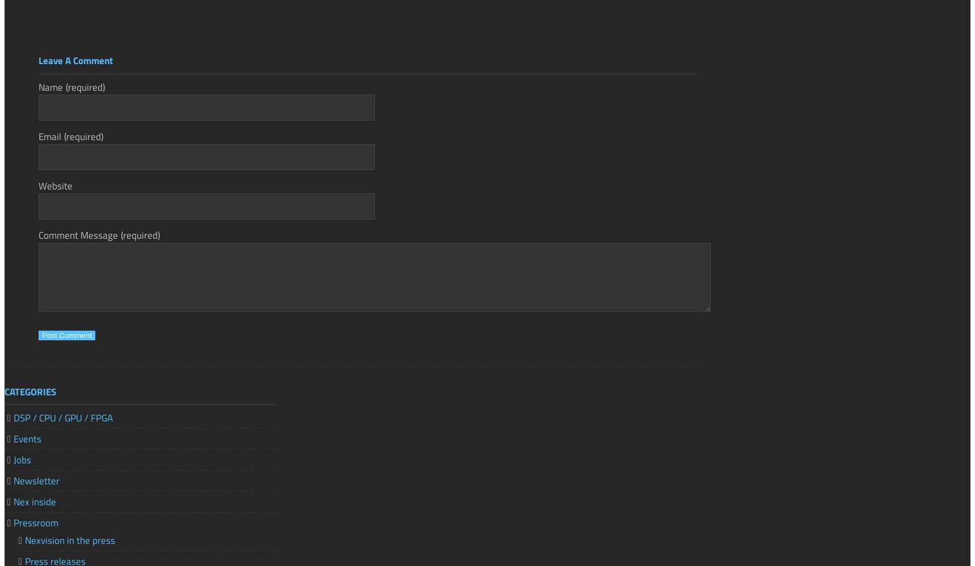 This screenshot has height=566, width=975. Describe the element at coordinates (50, 86) in the screenshot. I see `'Name'` at that location.